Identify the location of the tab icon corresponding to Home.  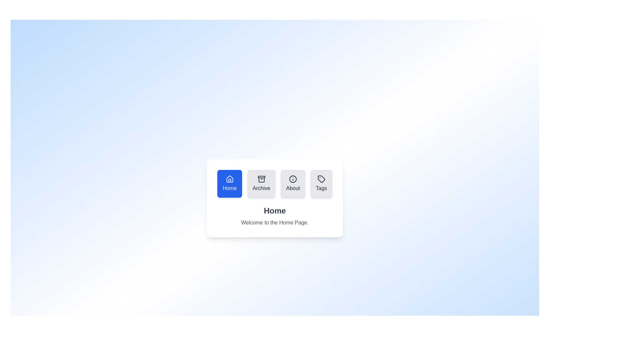
(230, 183).